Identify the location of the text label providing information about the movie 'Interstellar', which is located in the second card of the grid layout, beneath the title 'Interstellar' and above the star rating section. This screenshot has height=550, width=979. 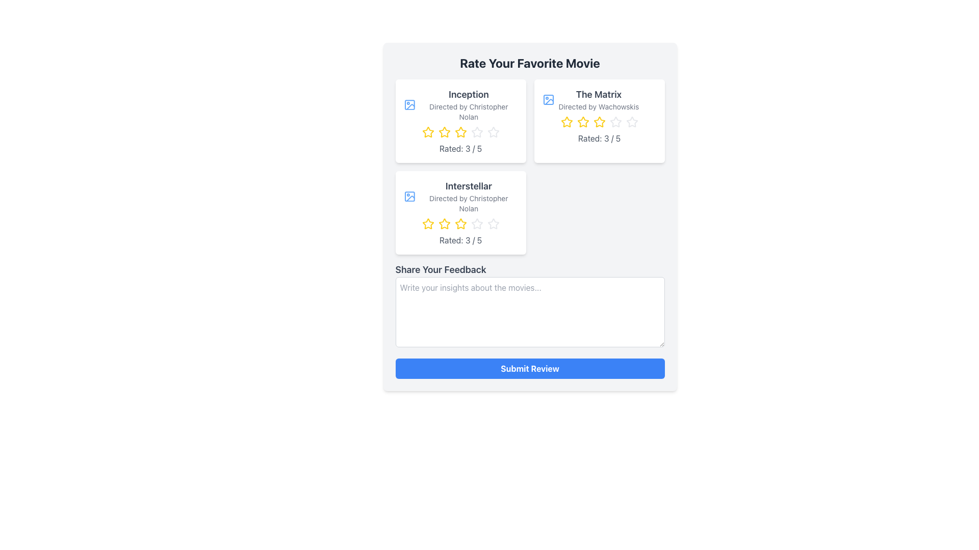
(468, 204).